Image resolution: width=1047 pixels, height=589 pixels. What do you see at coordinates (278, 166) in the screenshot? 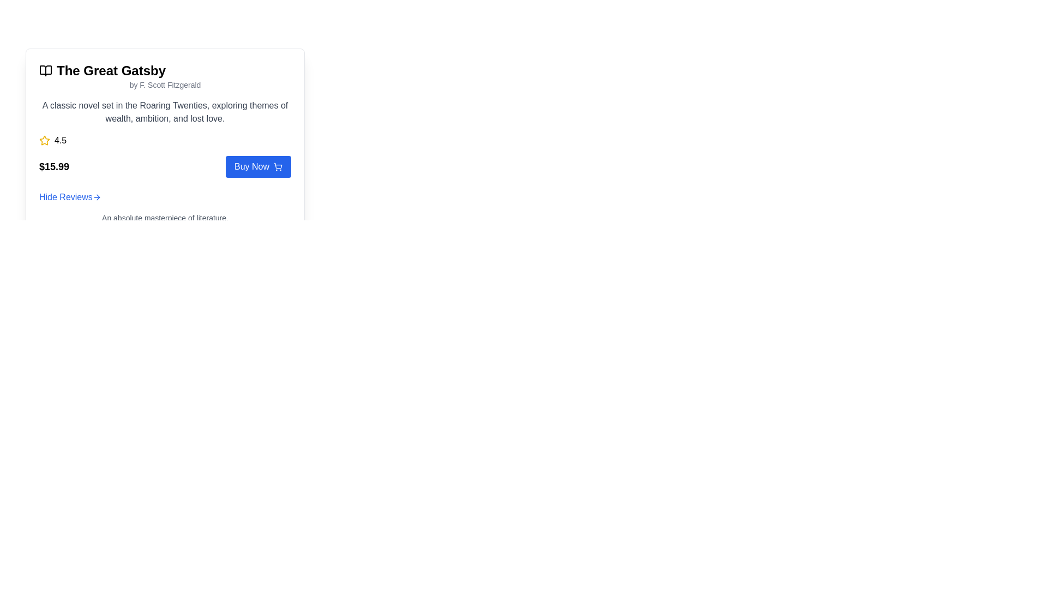
I see `the shopping cart icon within the 'Buy Now' button for accessibility purposes` at bounding box center [278, 166].